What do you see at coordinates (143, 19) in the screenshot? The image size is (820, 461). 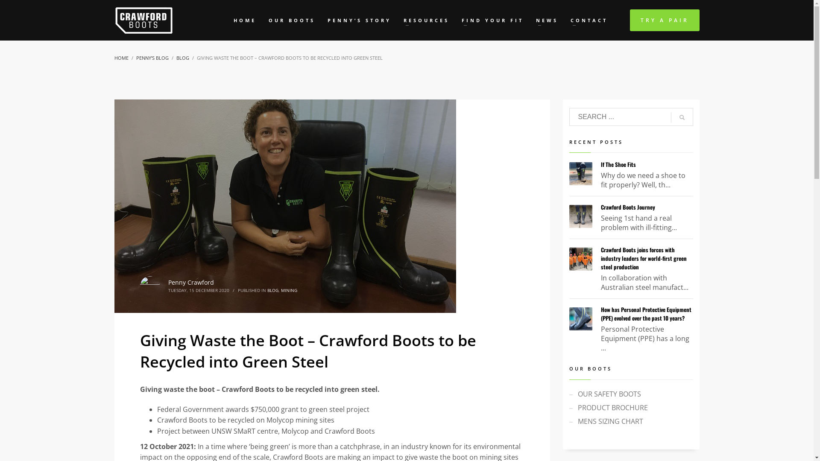 I see `'Waterproof Safety Boots That Fit'` at bounding box center [143, 19].